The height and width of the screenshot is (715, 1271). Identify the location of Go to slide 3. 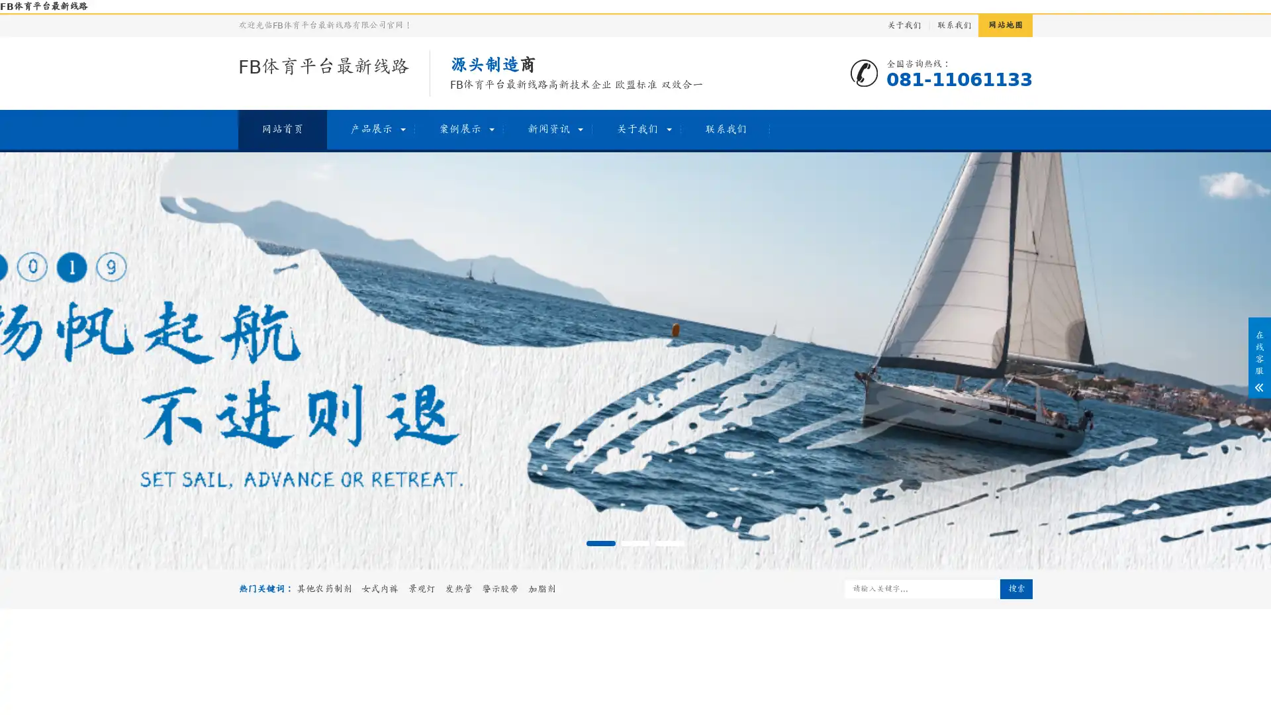
(670, 544).